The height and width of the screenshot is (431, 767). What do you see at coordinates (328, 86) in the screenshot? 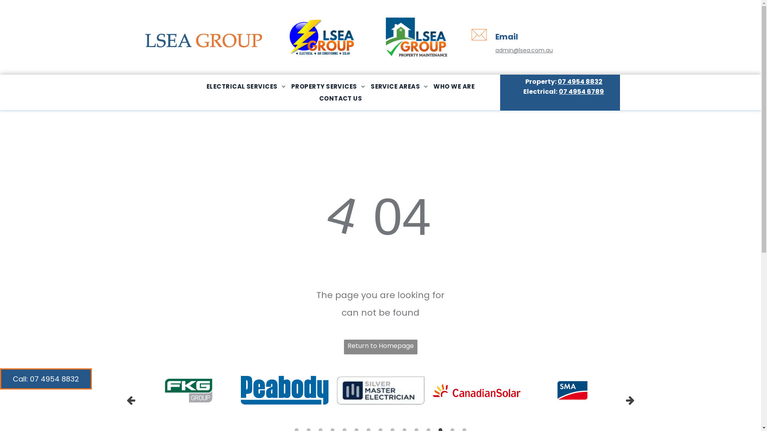
I see `'PROPERTY SERVICES'` at bounding box center [328, 86].